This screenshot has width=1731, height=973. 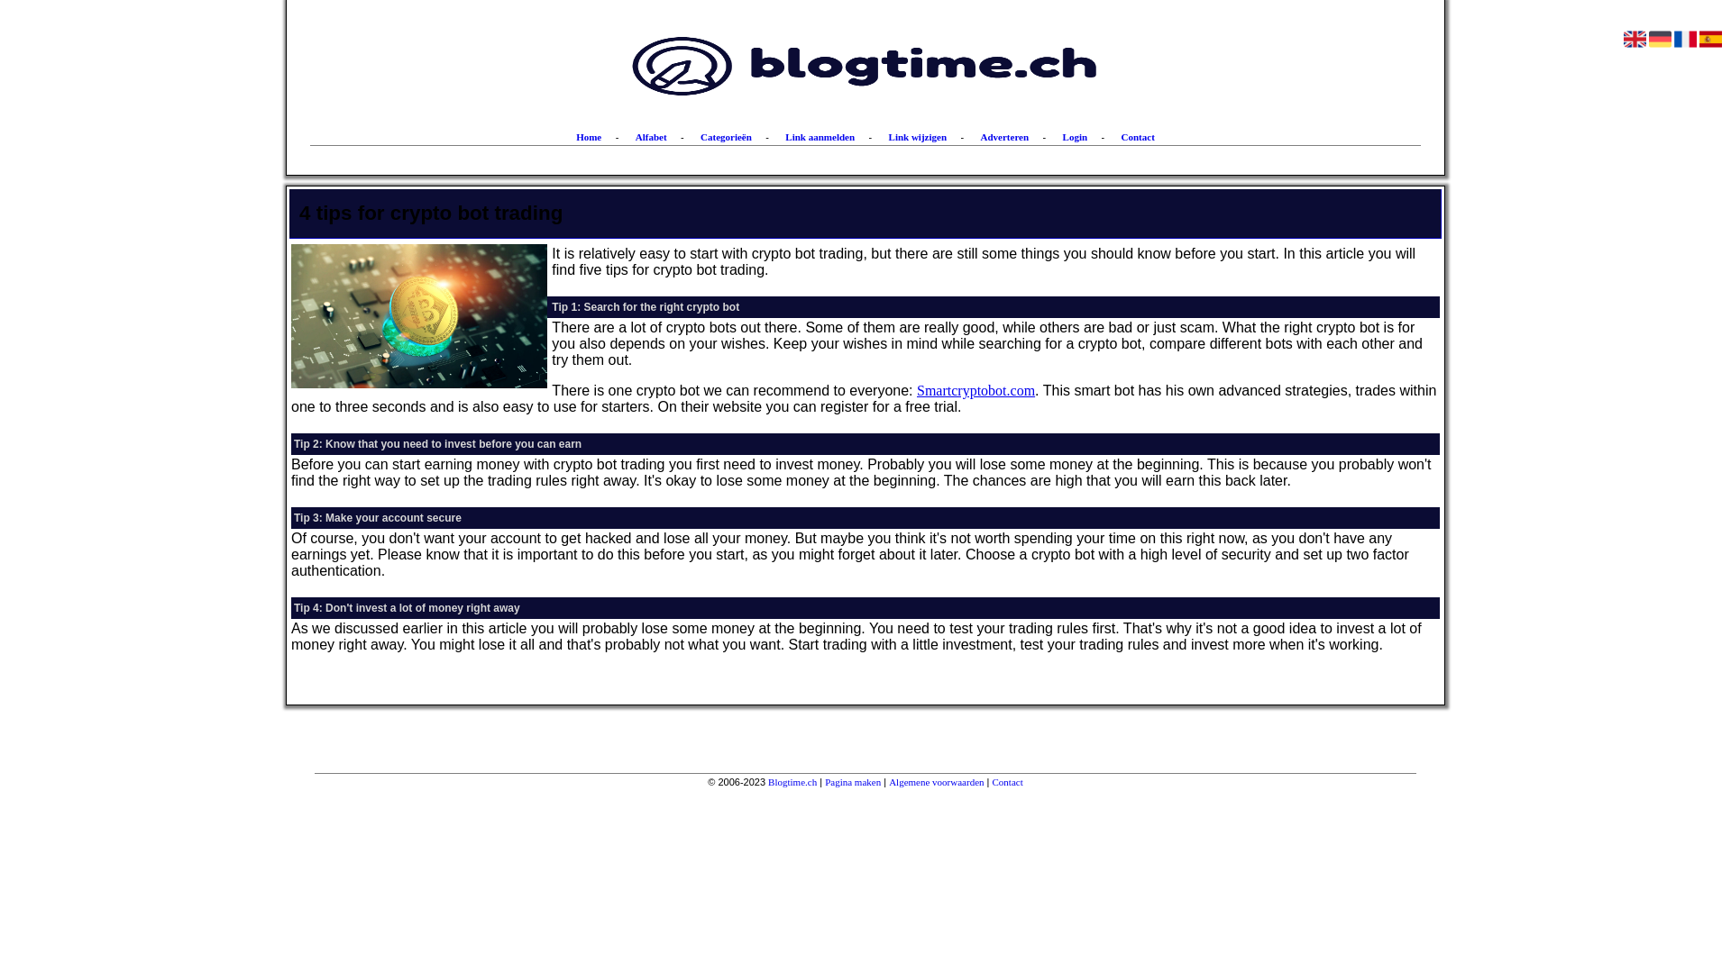 I want to click on 'Blogtime.ch', so click(x=792, y=780).